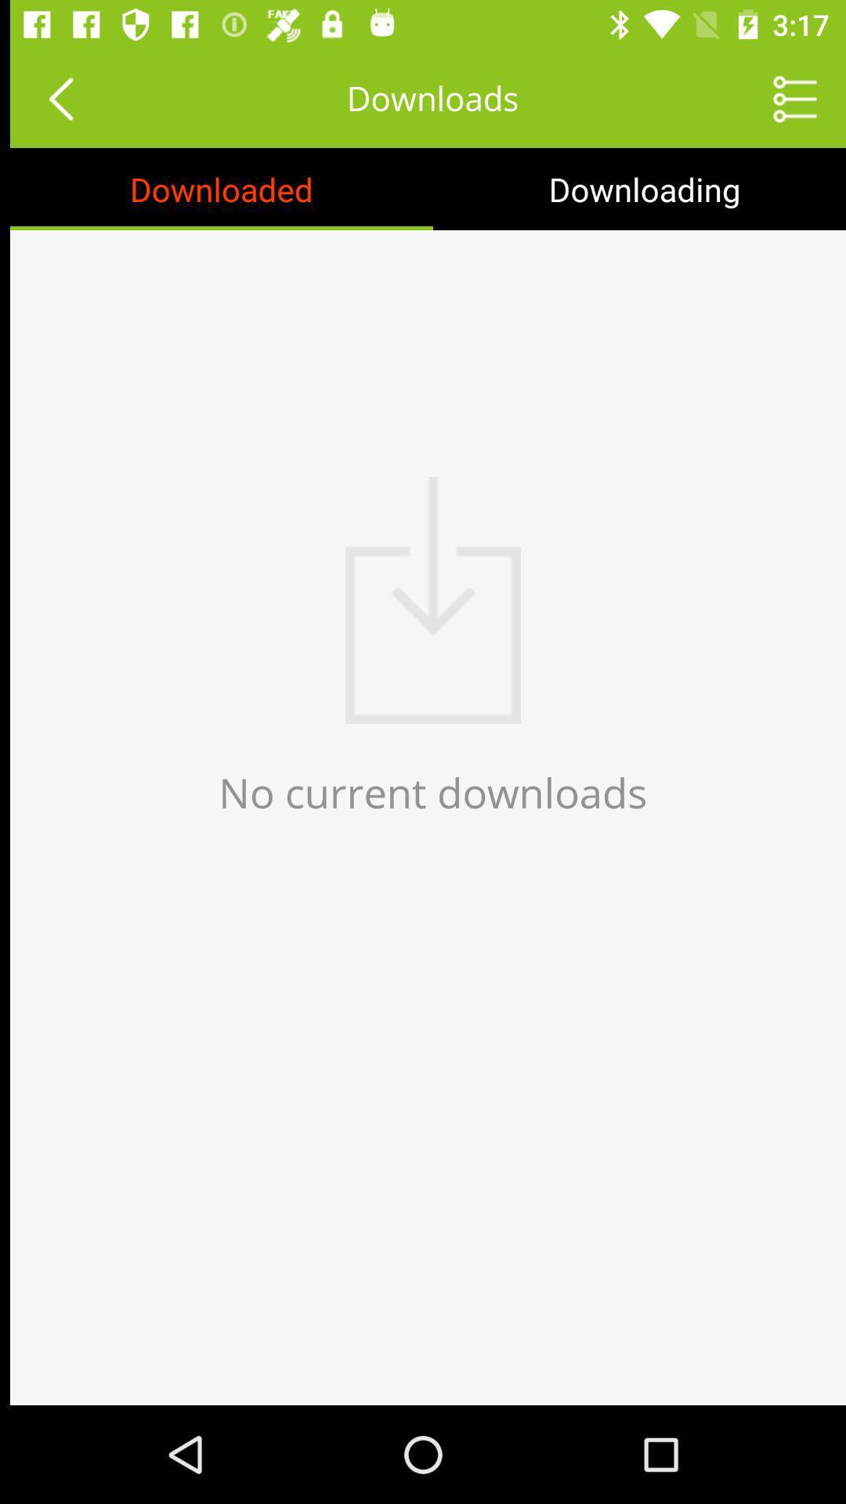  I want to click on item to the right of the downloads icon, so click(785, 97).